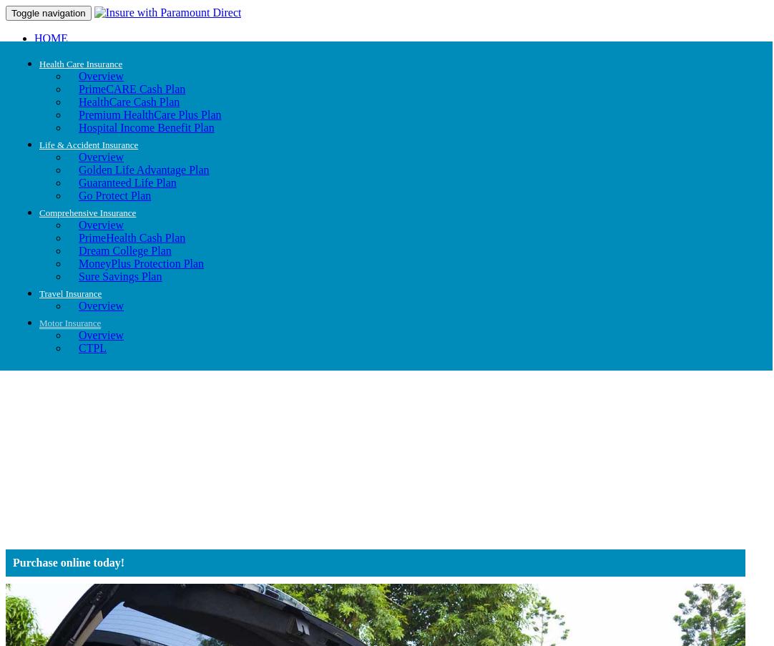 The height and width of the screenshot is (646, 774). What do you see at coordinates (54, 215) in the screenshot?
I see `'Coop'` at bounding box center [54, 215].